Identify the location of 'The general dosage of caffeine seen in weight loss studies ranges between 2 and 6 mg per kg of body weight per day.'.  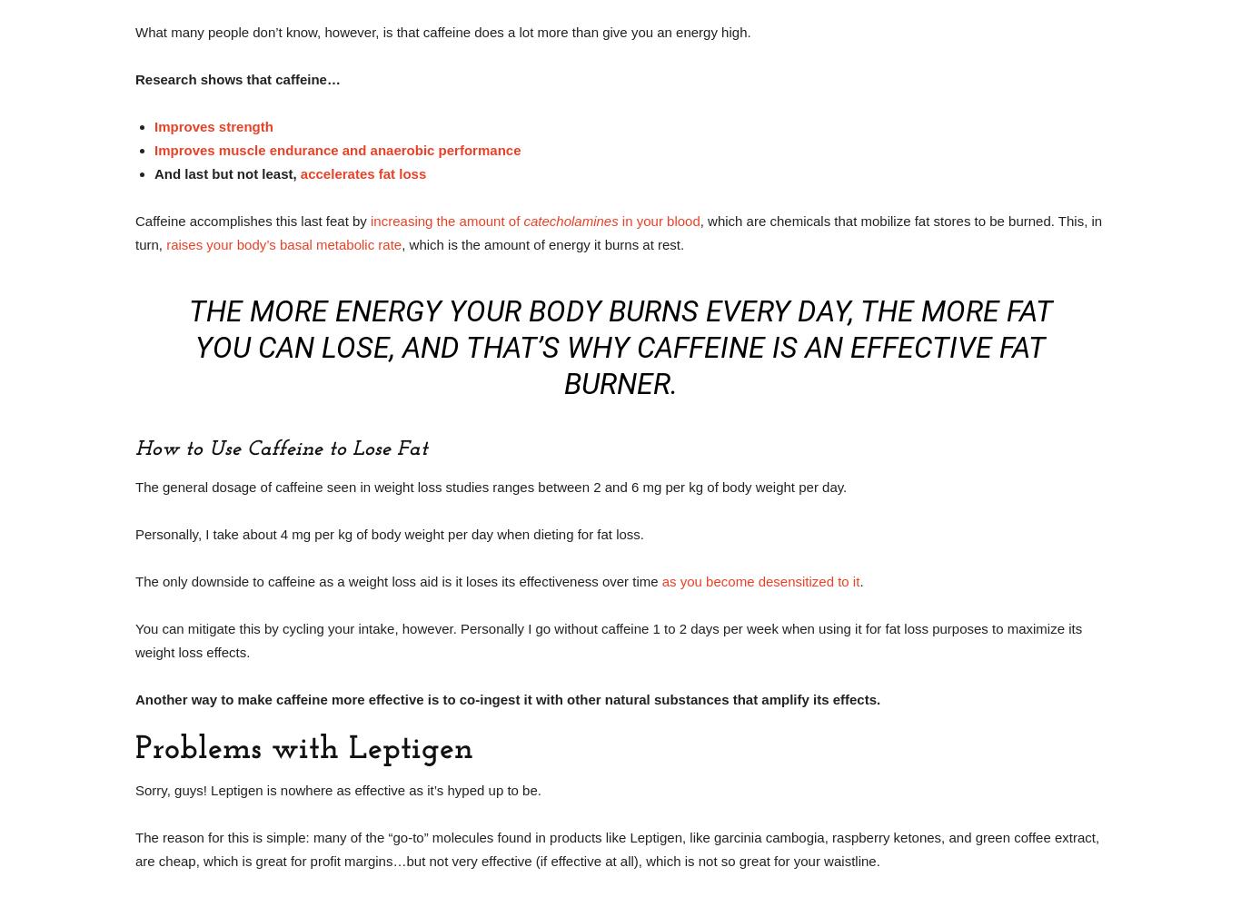
(491, 486).